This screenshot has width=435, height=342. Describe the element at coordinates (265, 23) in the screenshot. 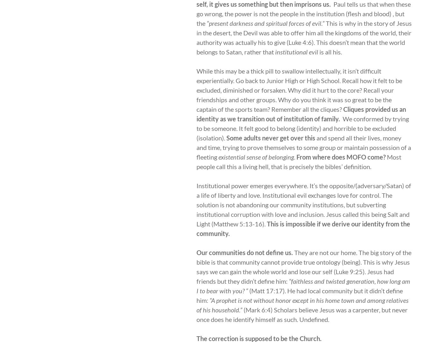

I see `'“present darkness and spiritual forces of evil.”'` at that location.